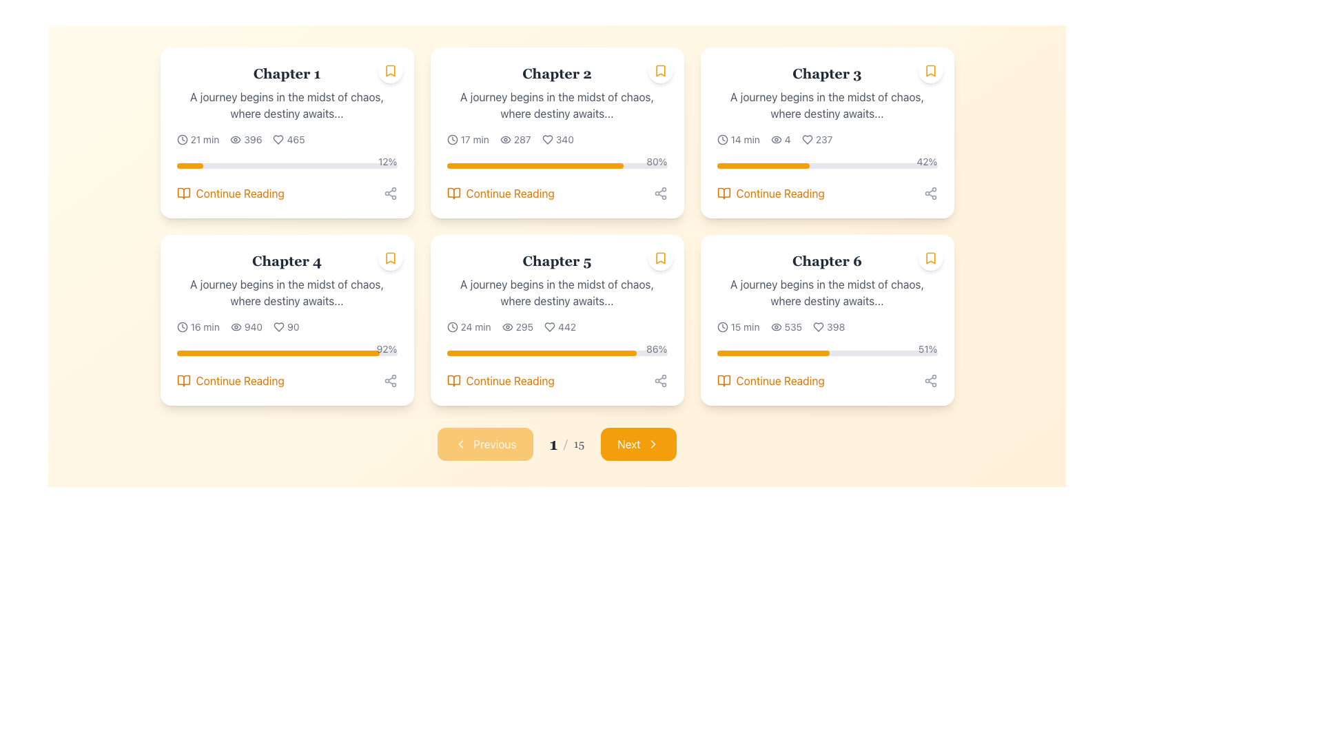 The image size is (1323, 744). What do you see at coordinates (181, 327) in the screenshot?
I see `the circle within the clock icon located in the 'Chapter 4' card, which is positioned before the '16 min' text denoting the reading time` at bounding box center [181, 327].